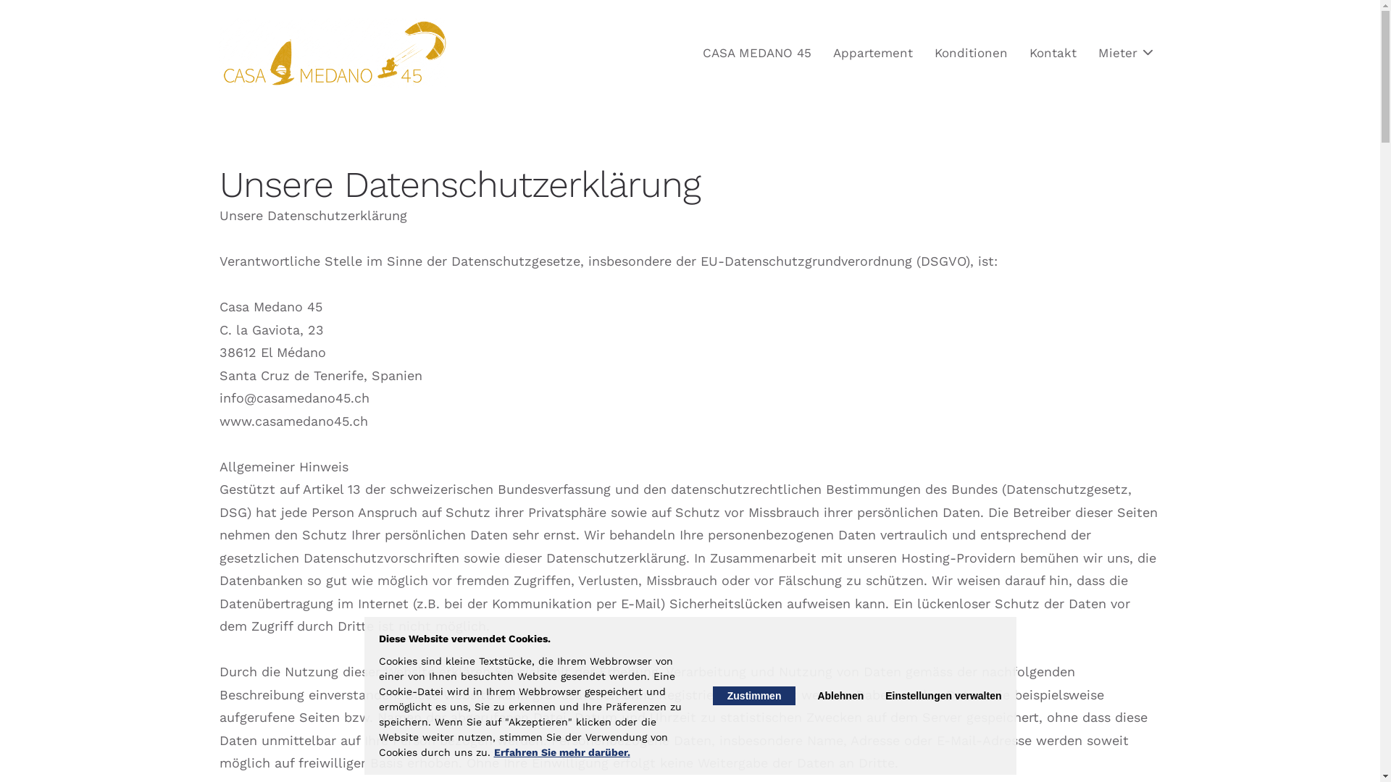  What do you see at coordinates (840, 694) in the screenshot?
I see `'Ablehnen'` at bounding box center [840, 694].